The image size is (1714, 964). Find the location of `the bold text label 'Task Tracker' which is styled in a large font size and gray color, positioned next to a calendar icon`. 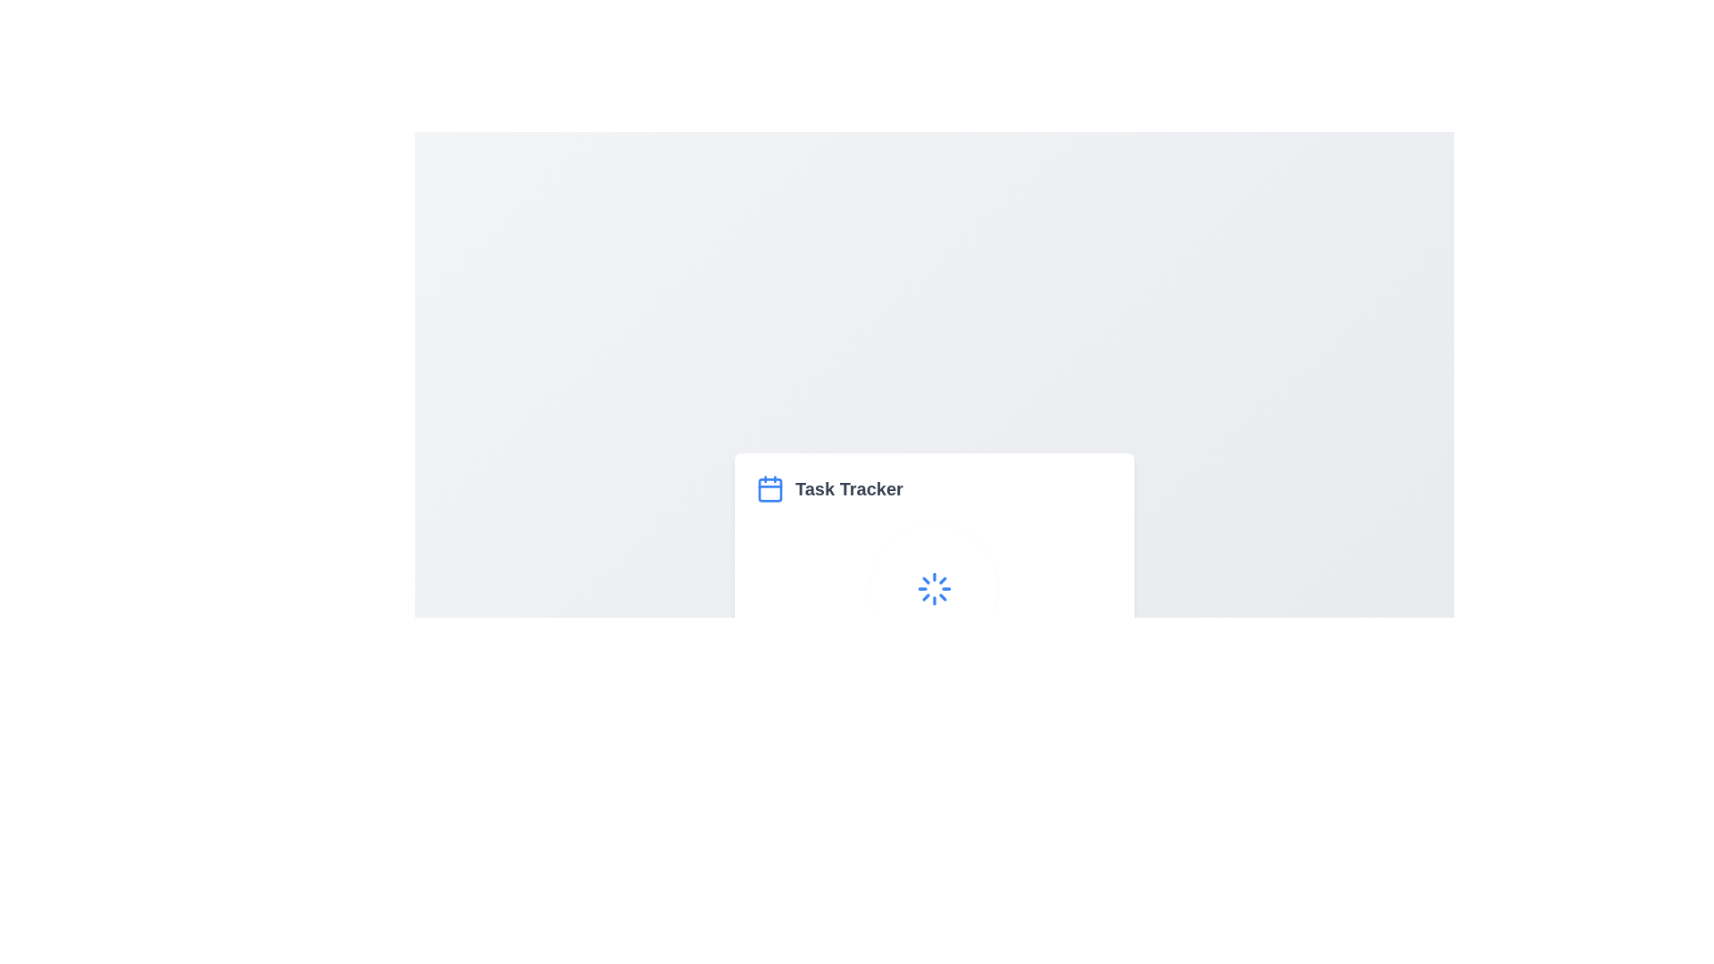

the bold text label 'Task Tracker' which is styled in a large font size and gray color, positioned next to a calendar icon is located at coordinates (848, 488).